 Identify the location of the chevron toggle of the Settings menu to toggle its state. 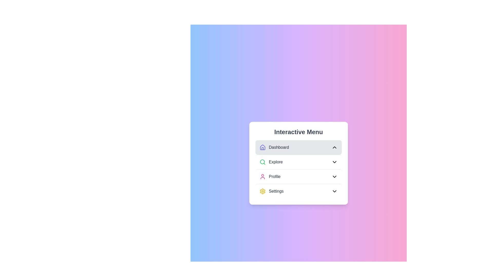
(334, 191).